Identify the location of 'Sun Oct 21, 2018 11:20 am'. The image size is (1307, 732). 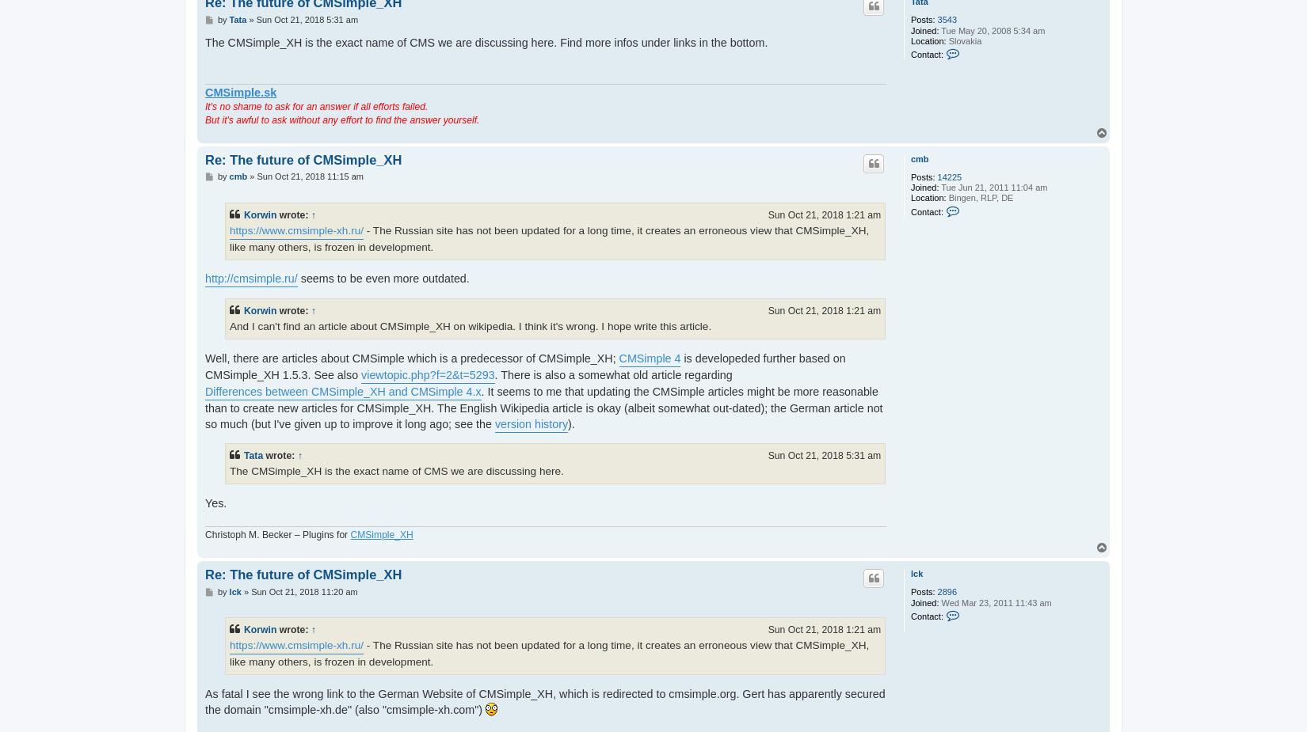
(303, 591).